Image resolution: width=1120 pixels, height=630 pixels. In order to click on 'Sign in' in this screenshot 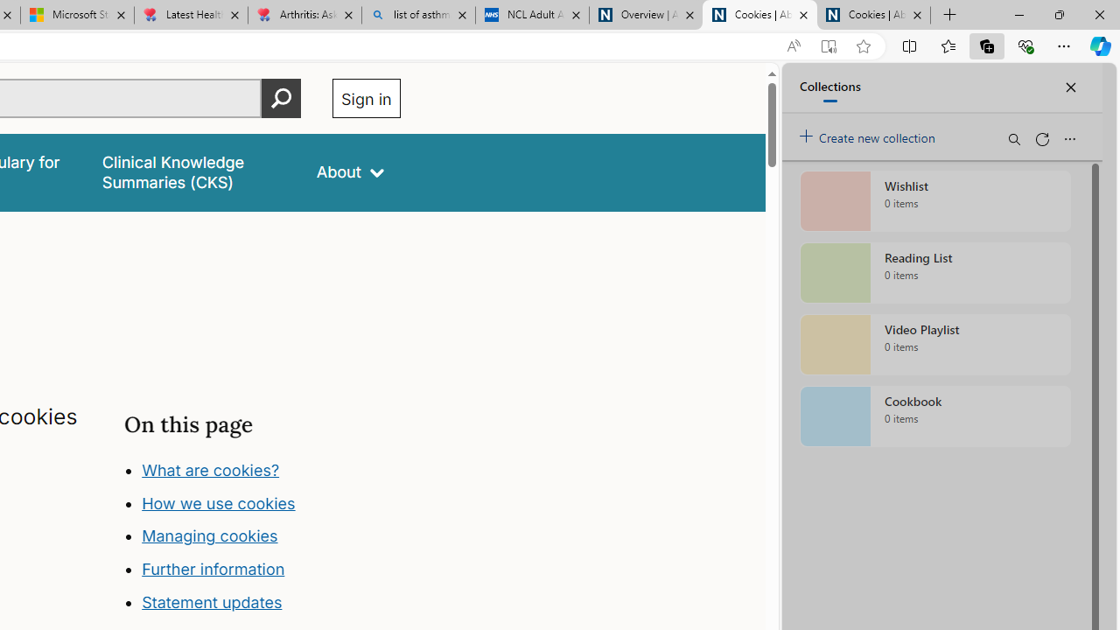, I will do `click(365, 98)`.